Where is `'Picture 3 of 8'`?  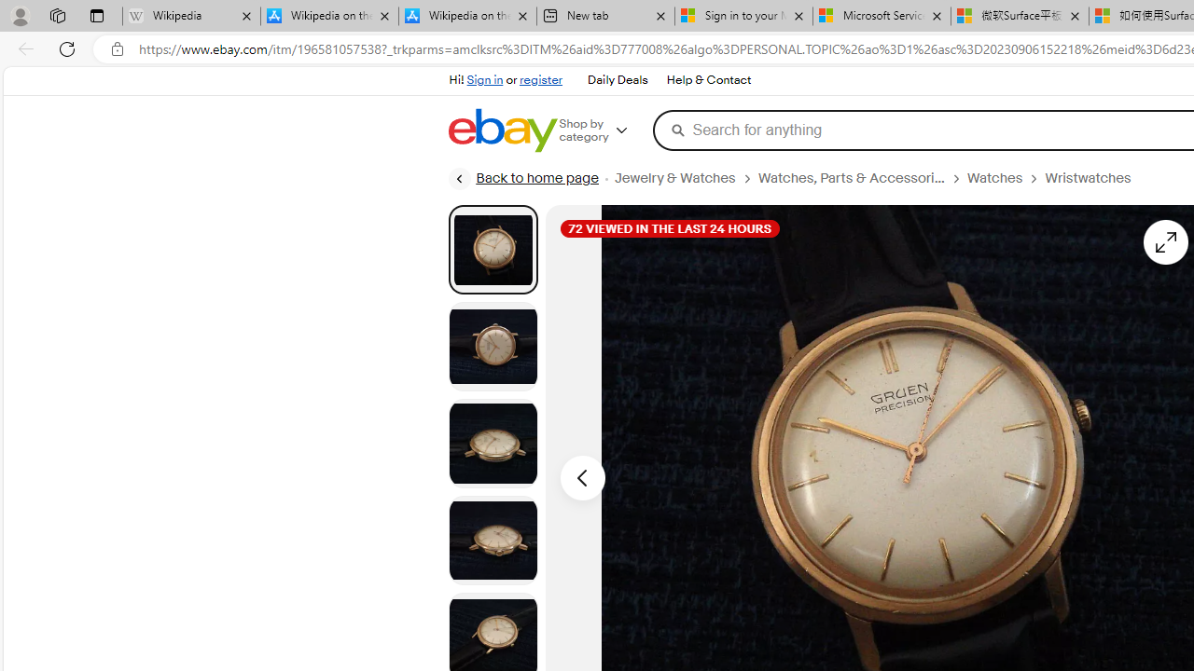 'Picture 3 of 8' is located at coordinates (493, 443).